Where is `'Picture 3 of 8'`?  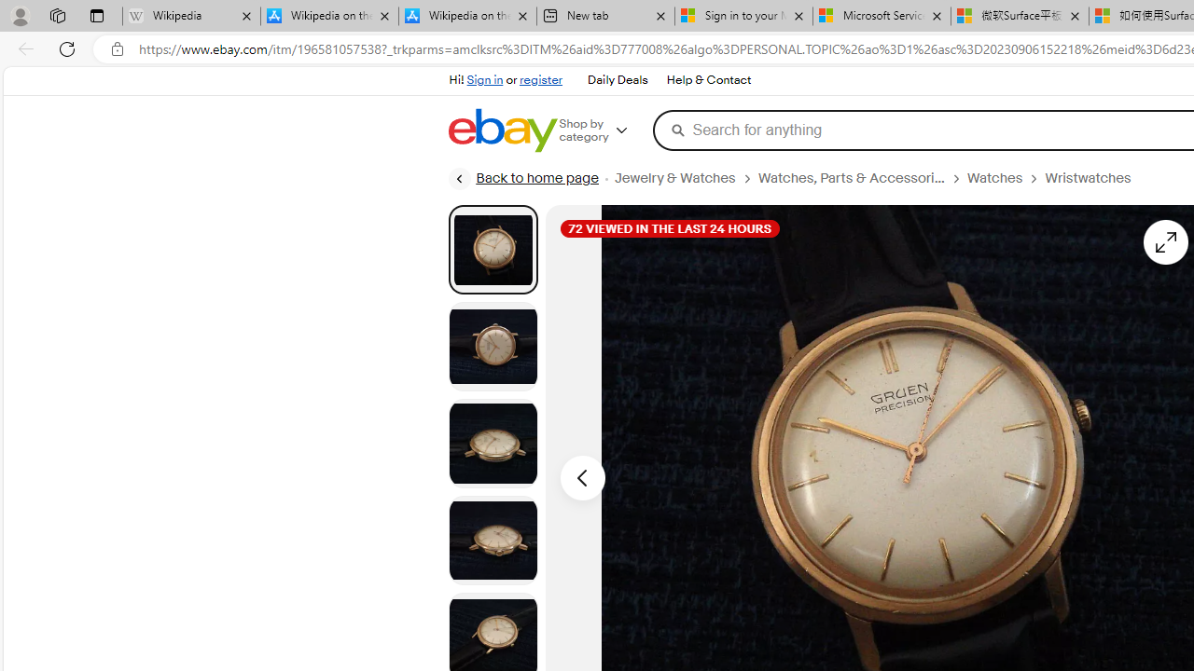 'Picture 3 of 8' is located at coordinates (493, 443).